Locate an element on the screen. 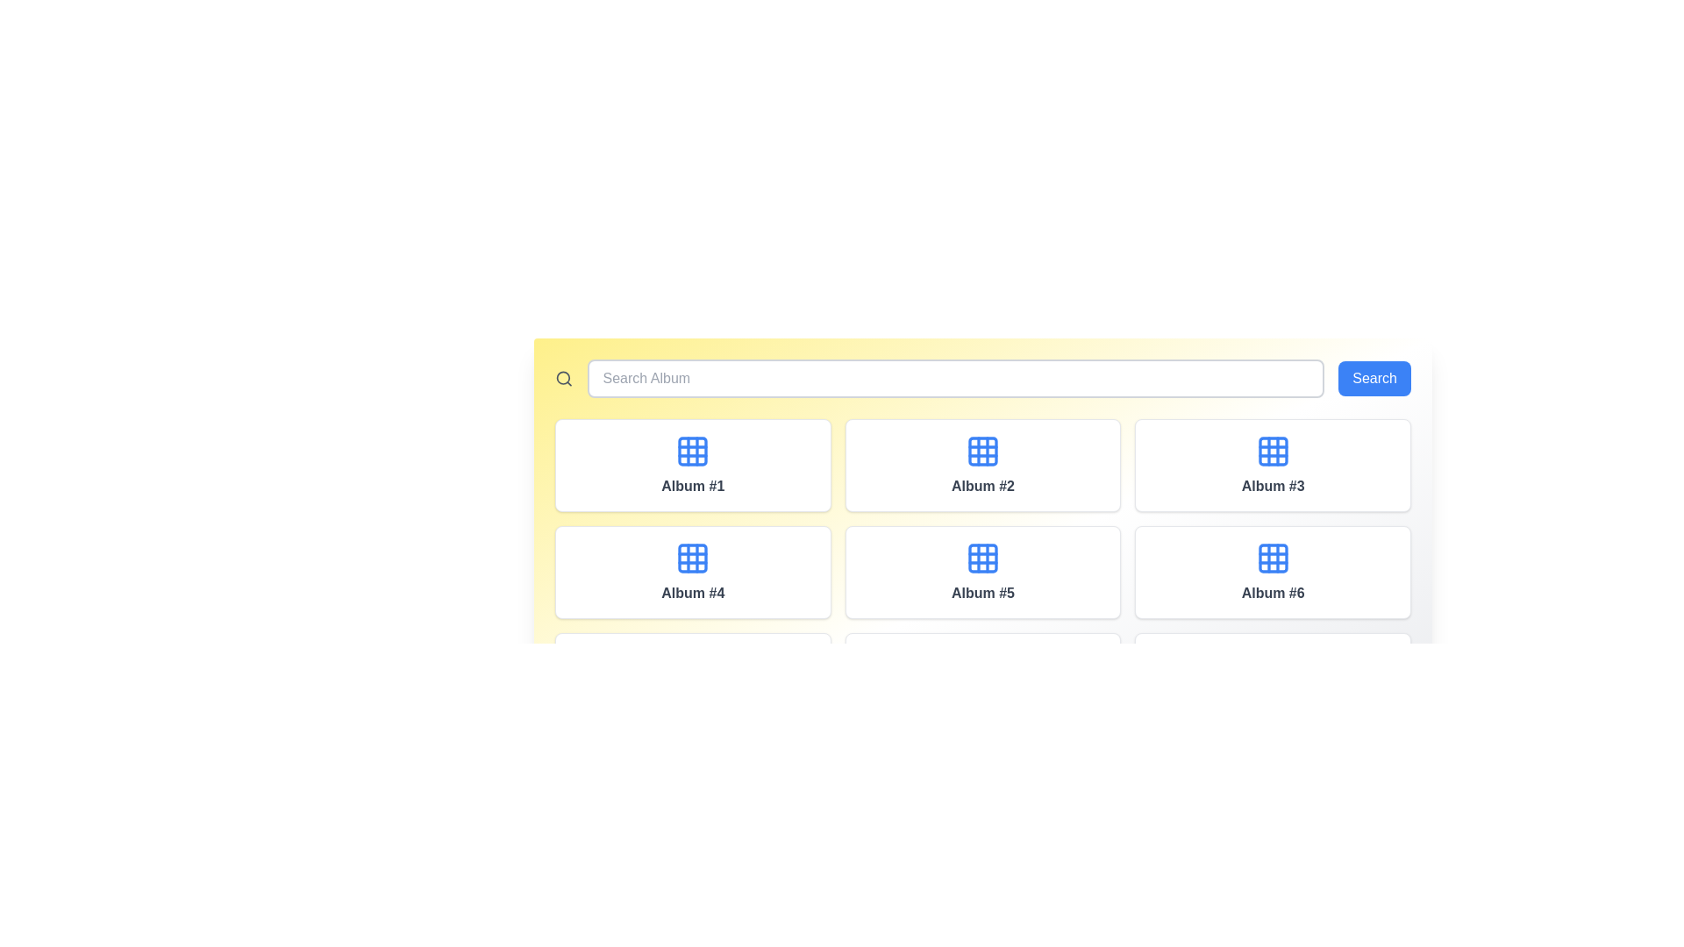 The image size is (1684, 947). the 'Album #2' text label located is located at coordinates (981, 487).